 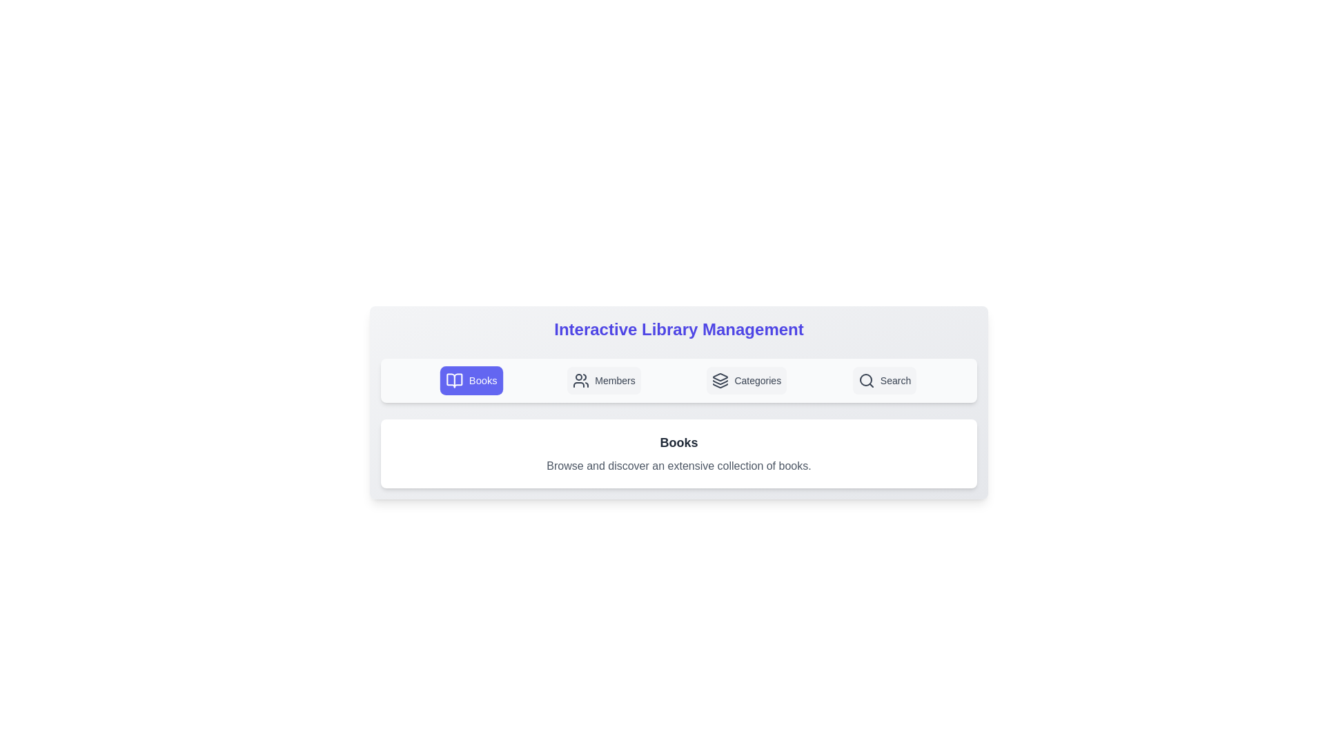 What do you see at coordinates (454, 380) in the screenshot?
I see `the 'Books' icon in the navigation toolbar, which represents the library section` at bounding box center [454, 380].